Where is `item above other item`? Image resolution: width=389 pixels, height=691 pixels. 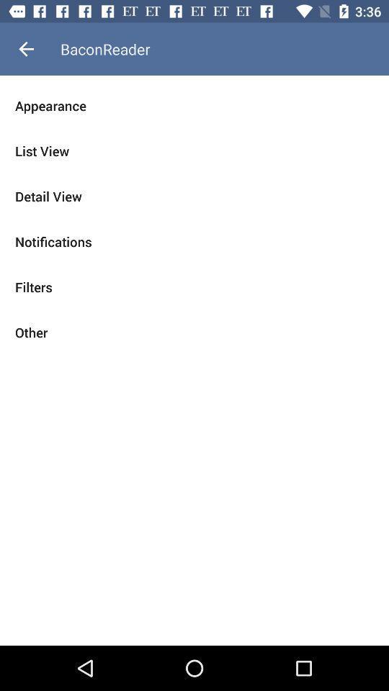 item above other item is located at coordinates (194, 286).